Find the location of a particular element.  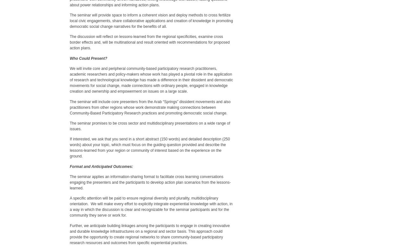

'We will invite core and peripheral community-based participatory research practitioners, academic researchers and policy-makers whose work has played a pivotal role in the application of research and technological knowledge has made a difference in their dissident and democratic movements for social change, made connections with ordinary people, engaged in knowledge creation and ownership and empowerment on issues on a large scale.' is located at coordinates (151, 80).